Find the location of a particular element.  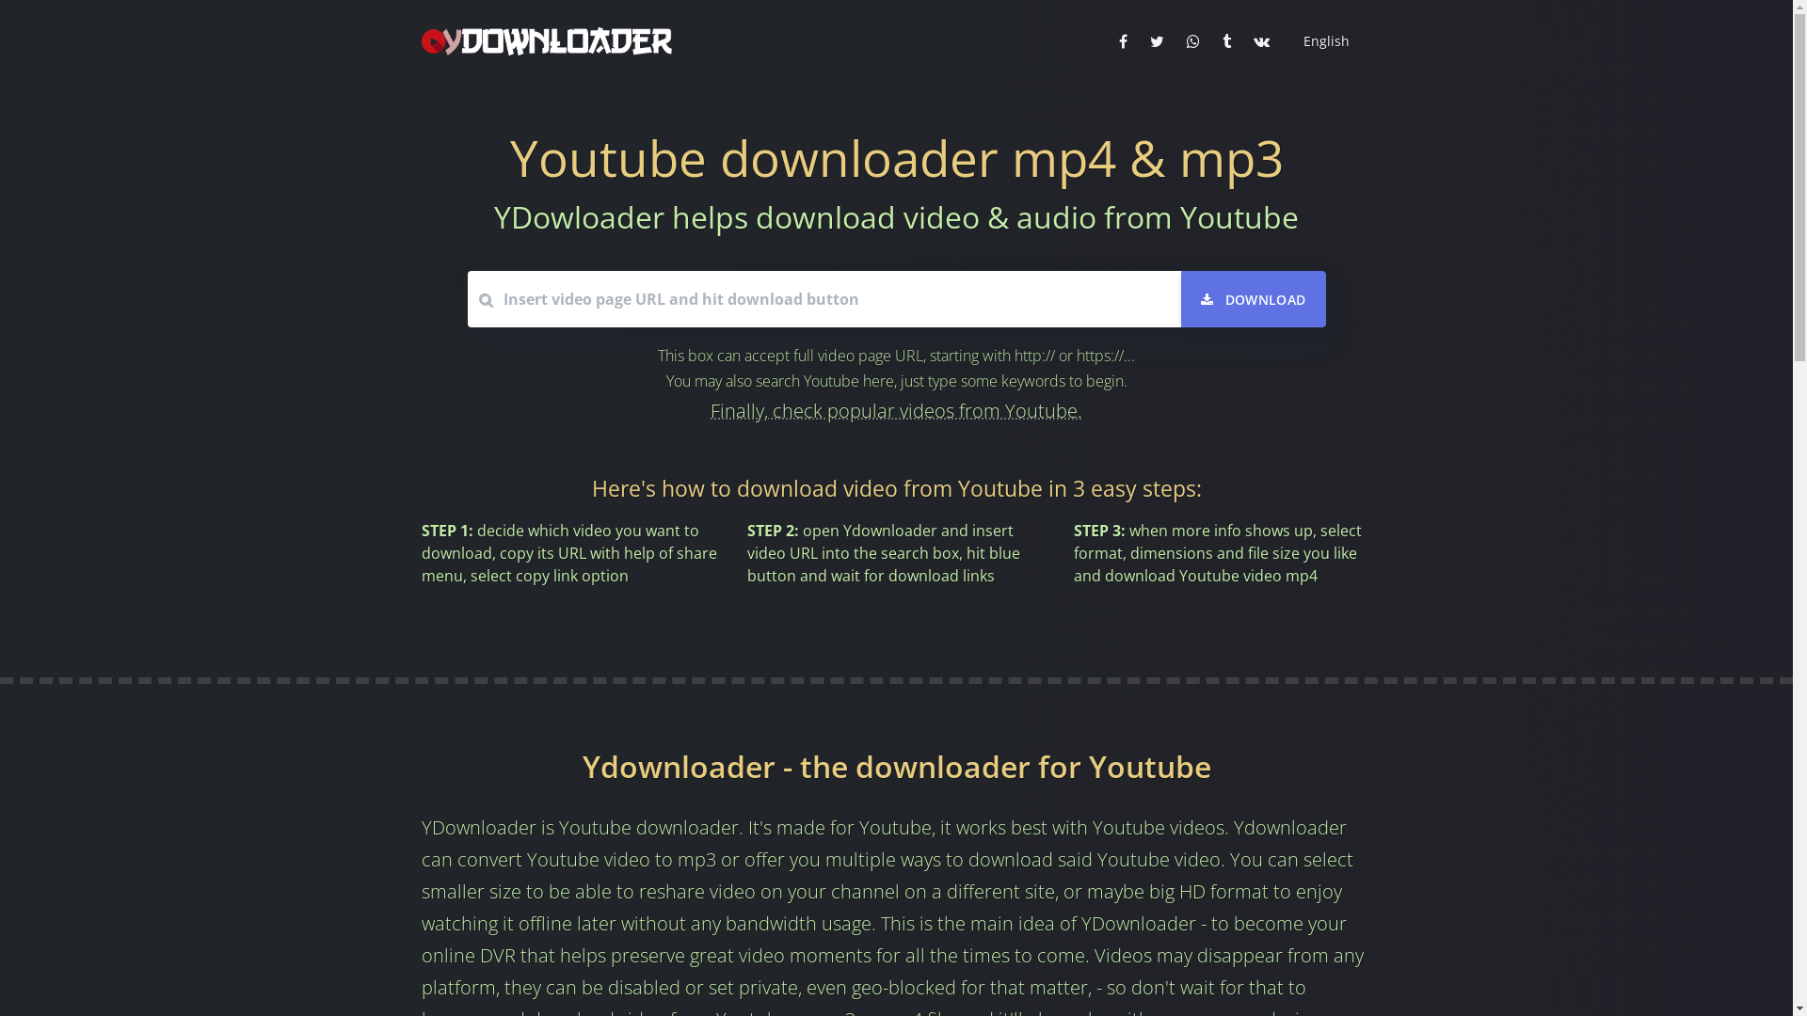

'Share on Twitter' is located at coordinates (1156, 40).